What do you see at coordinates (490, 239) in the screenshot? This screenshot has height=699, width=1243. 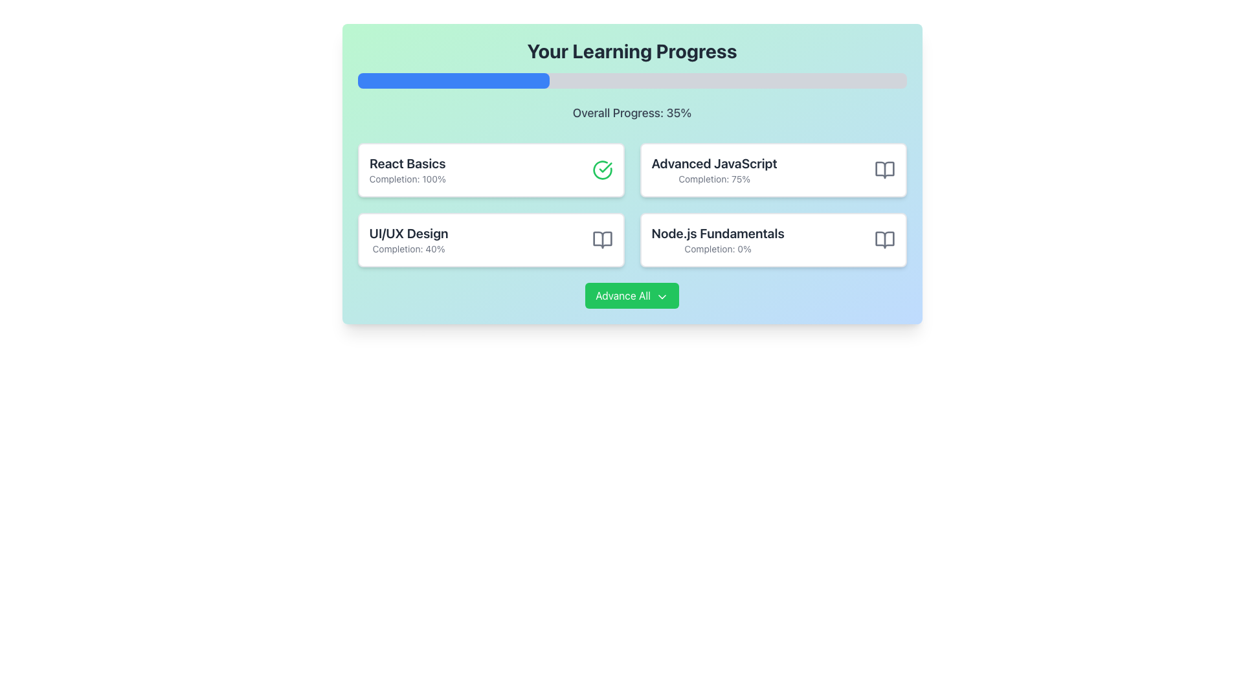 I see `the informational card displaying 'UI/UX Design' with a subtitle 'Completion: 40%' located in the bottom-left corner of the grid under 'Your Learning Progress'` at bounding box center [490, 239].